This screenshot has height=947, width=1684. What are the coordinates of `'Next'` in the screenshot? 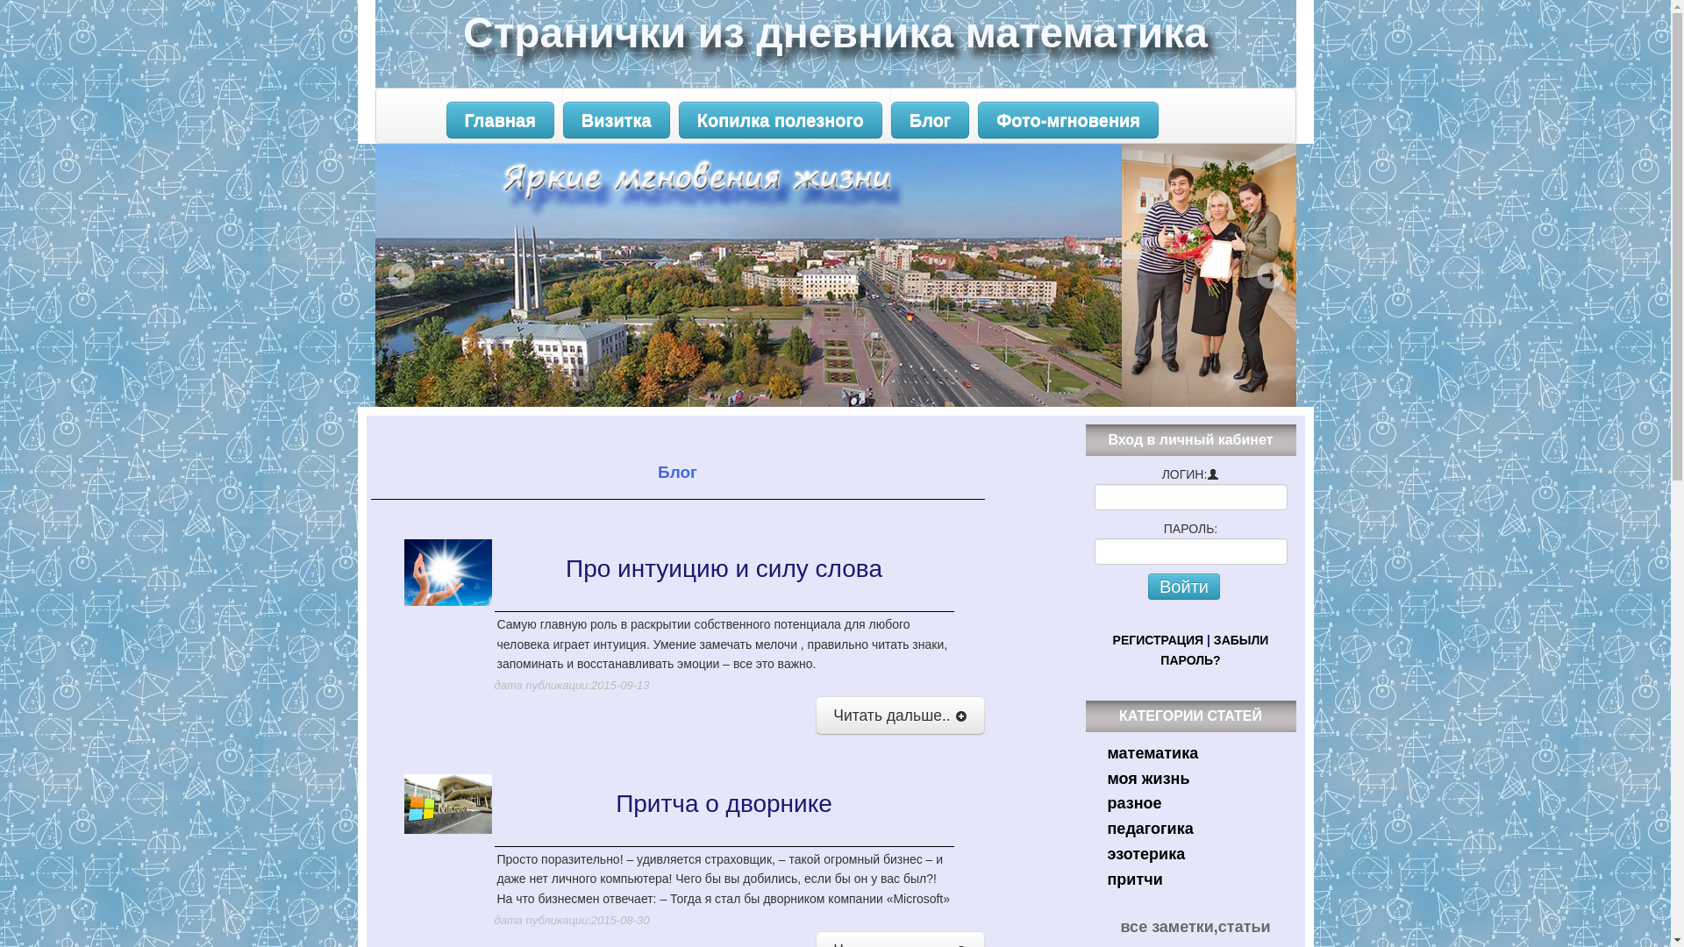 It's located at (1268, 274).